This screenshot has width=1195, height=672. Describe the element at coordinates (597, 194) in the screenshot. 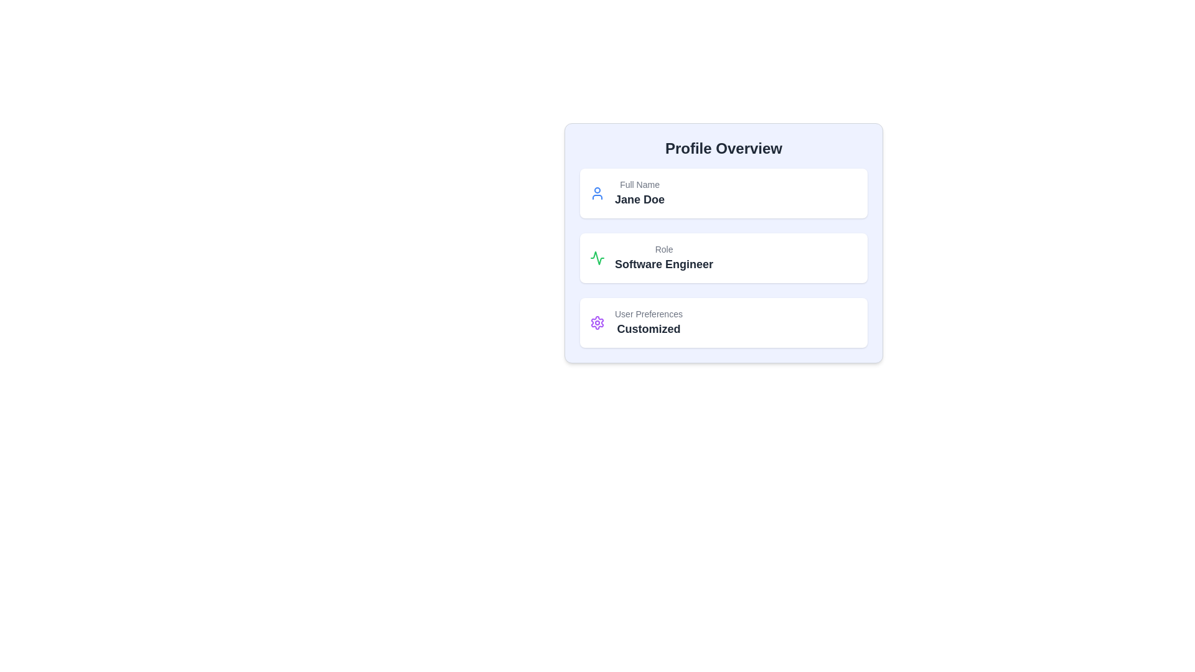

I see `the user icon, which is a graphical representation of a user with a blue color scheme, located to the left of the text 'Full Name' and 'Jane Doe' in the 'Profile Overview' interface` at that location.